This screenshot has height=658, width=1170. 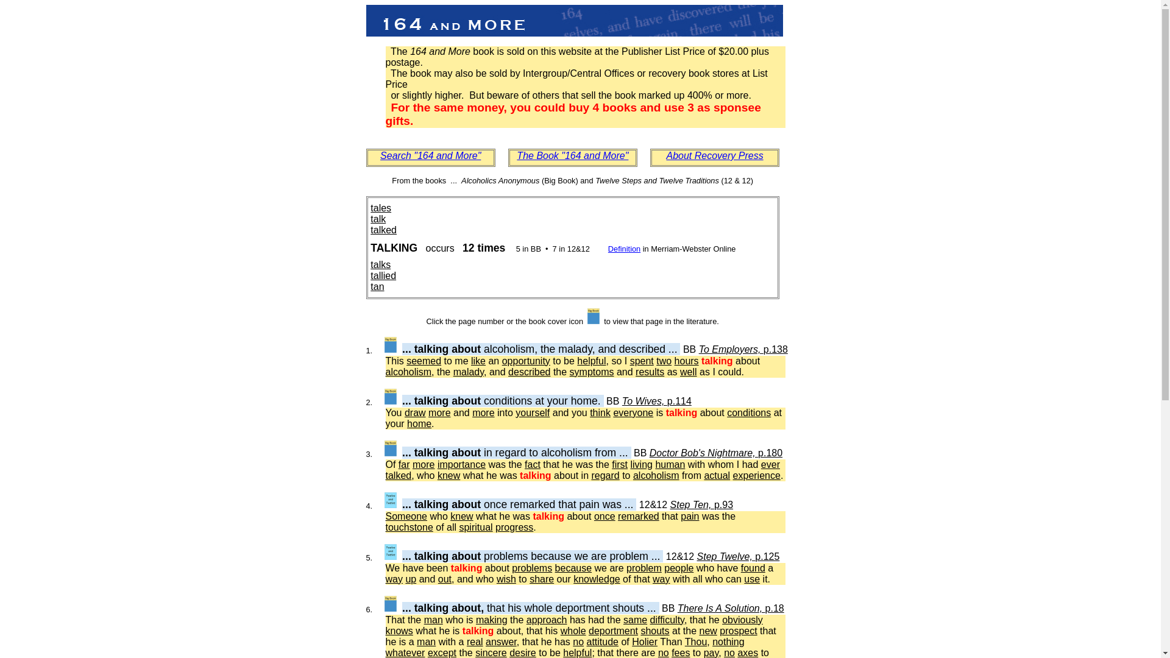 What do you see at coordinates (604, 516) in the screenshot?
I see `'once'` at bounding box center [604, 516].